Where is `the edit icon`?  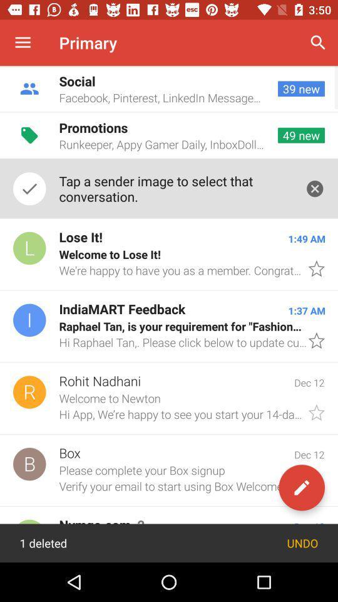
the edit icon is located at coordinates (301, 487).